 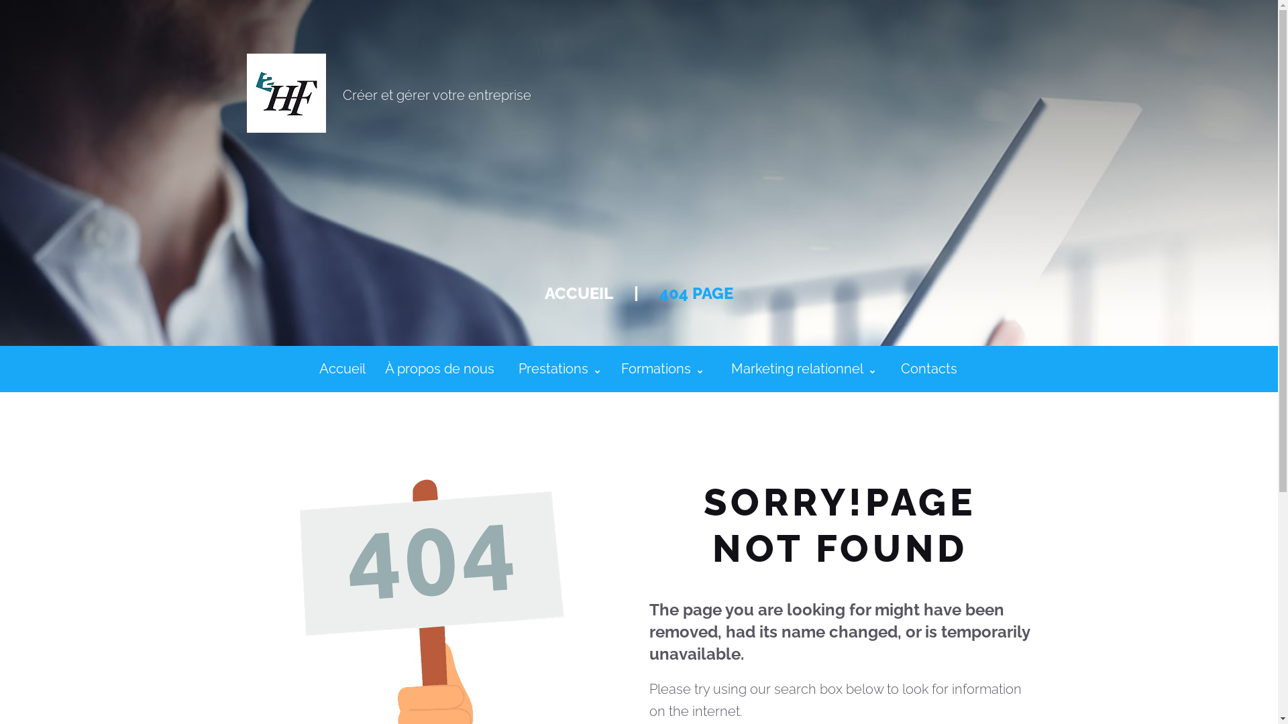 What do you see at coordinates (559, 369) in the screenshot?
I see `'Prestations'` at bounding box center [559, 369].